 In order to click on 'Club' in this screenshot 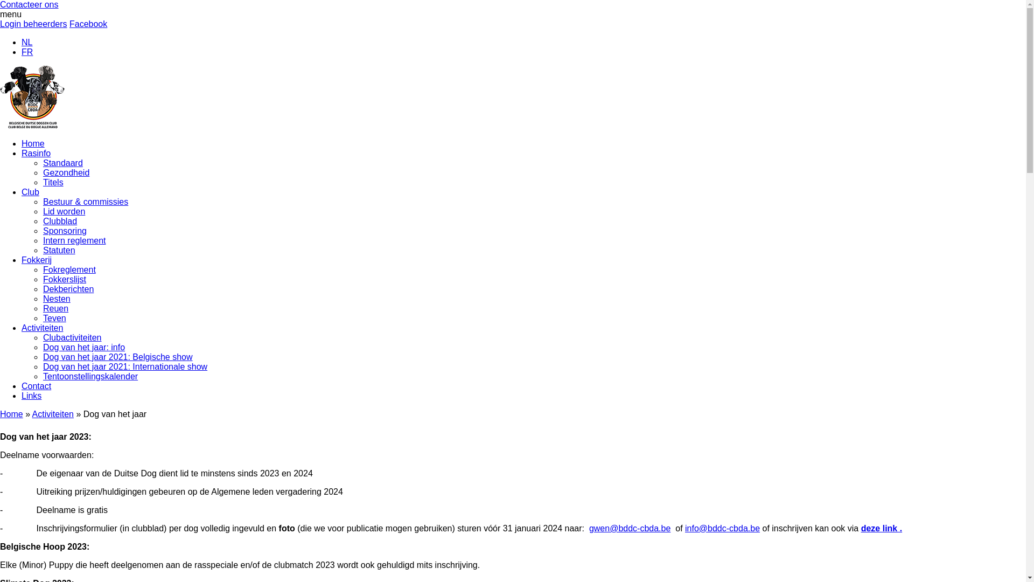, I will do `click(30, 191)`.